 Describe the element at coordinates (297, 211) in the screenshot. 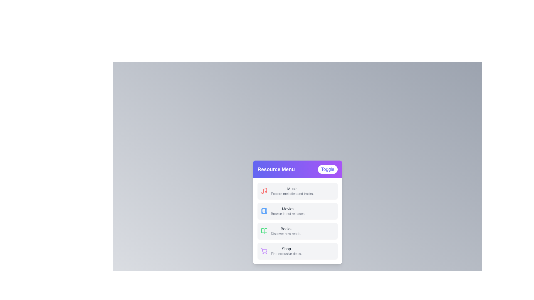

I see `the menu item labeled 'Movies'` at that location.